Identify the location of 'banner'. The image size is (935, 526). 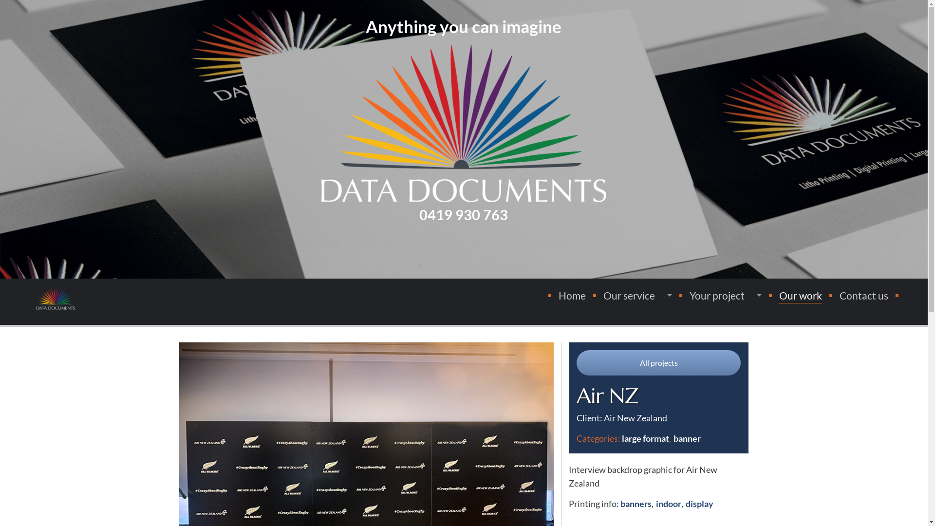
(687, 438).